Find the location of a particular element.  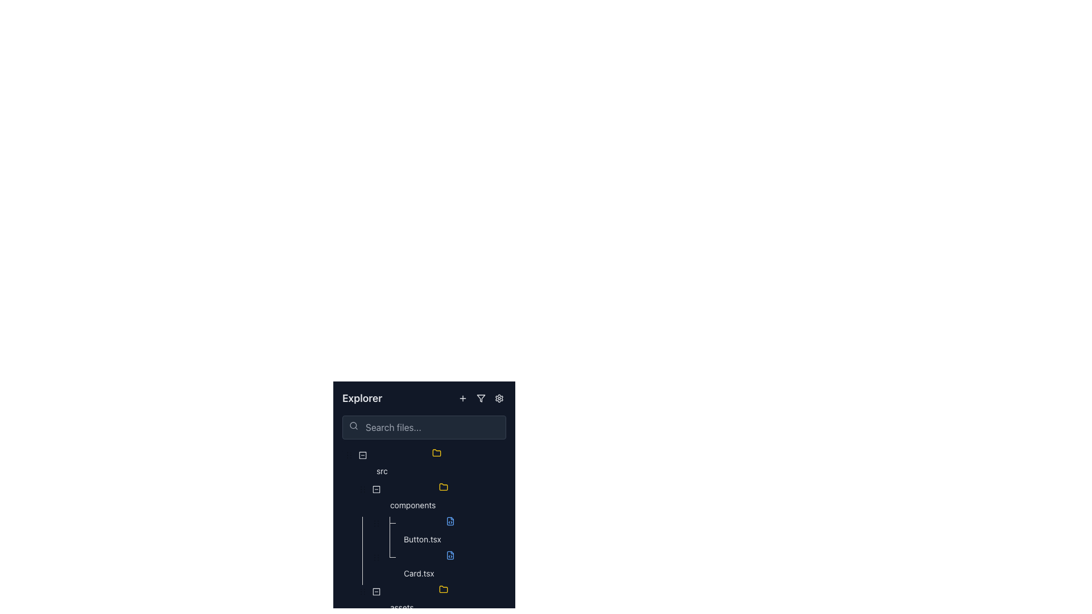

the minimal vertical line decorative UI indicator component located at the left edge of the tree structure, specifically under the 'components' node is located at coordinates (349, 566).